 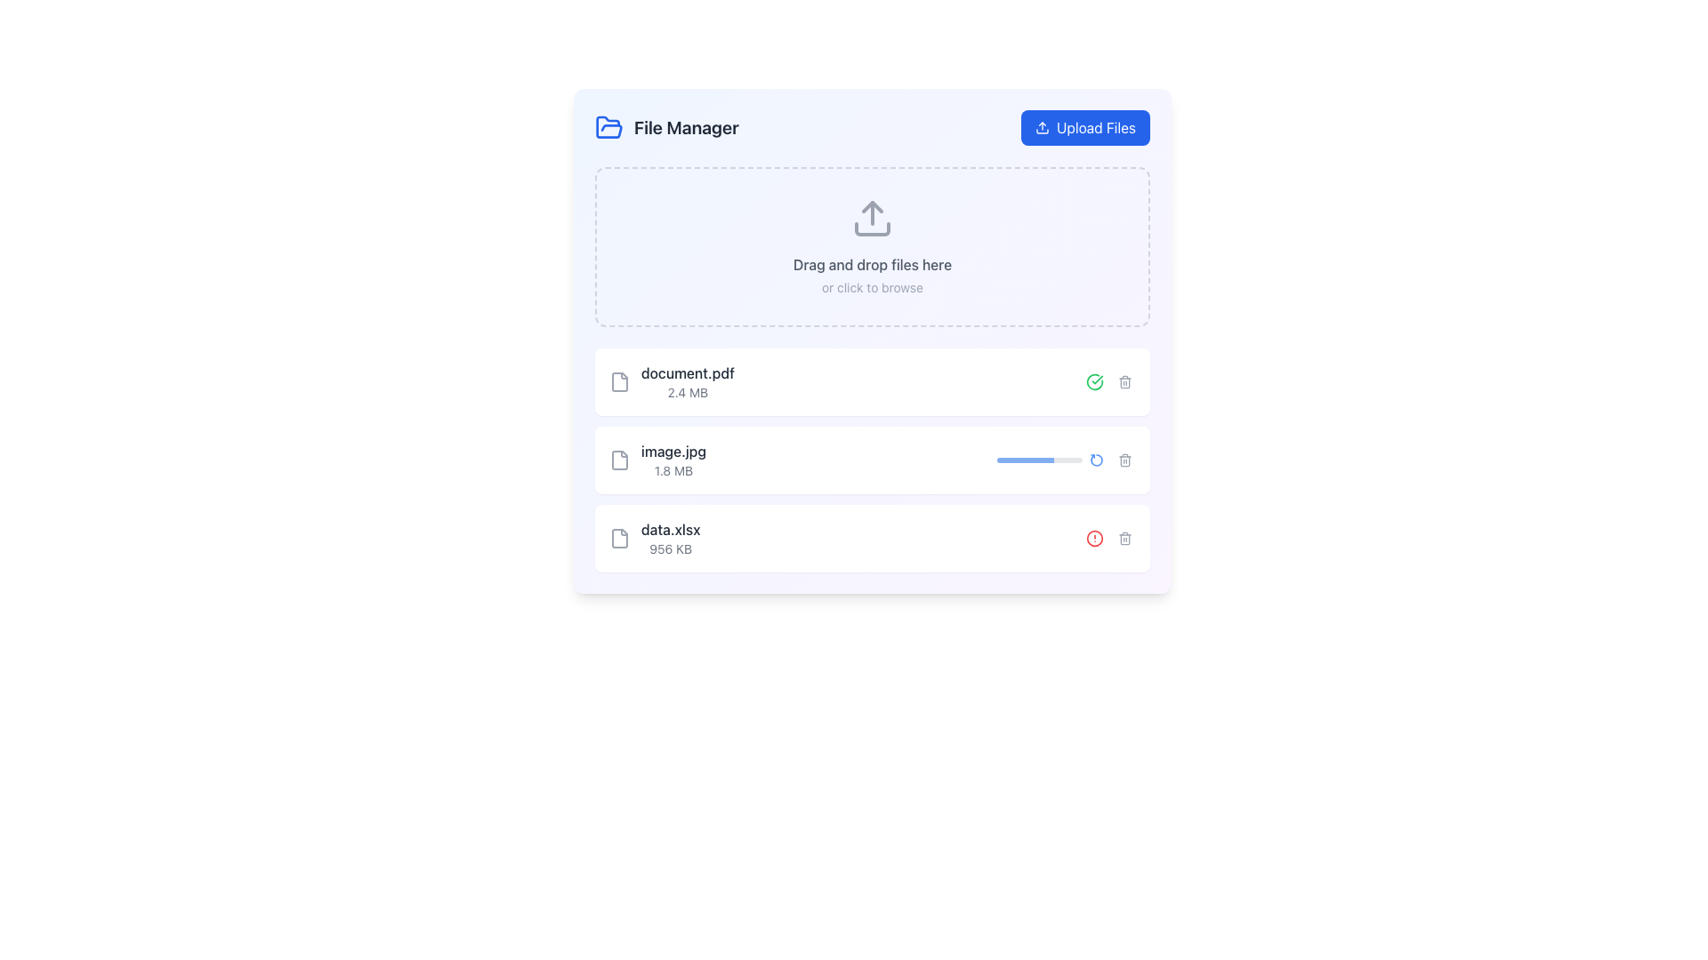 What do you see at coordinates (872, 218) in the screenshot?
I see `the file upload icon, which is the primary icon centered above the text 'Drag and drop files here or click to browse.'` at bounding box center [872, 218].